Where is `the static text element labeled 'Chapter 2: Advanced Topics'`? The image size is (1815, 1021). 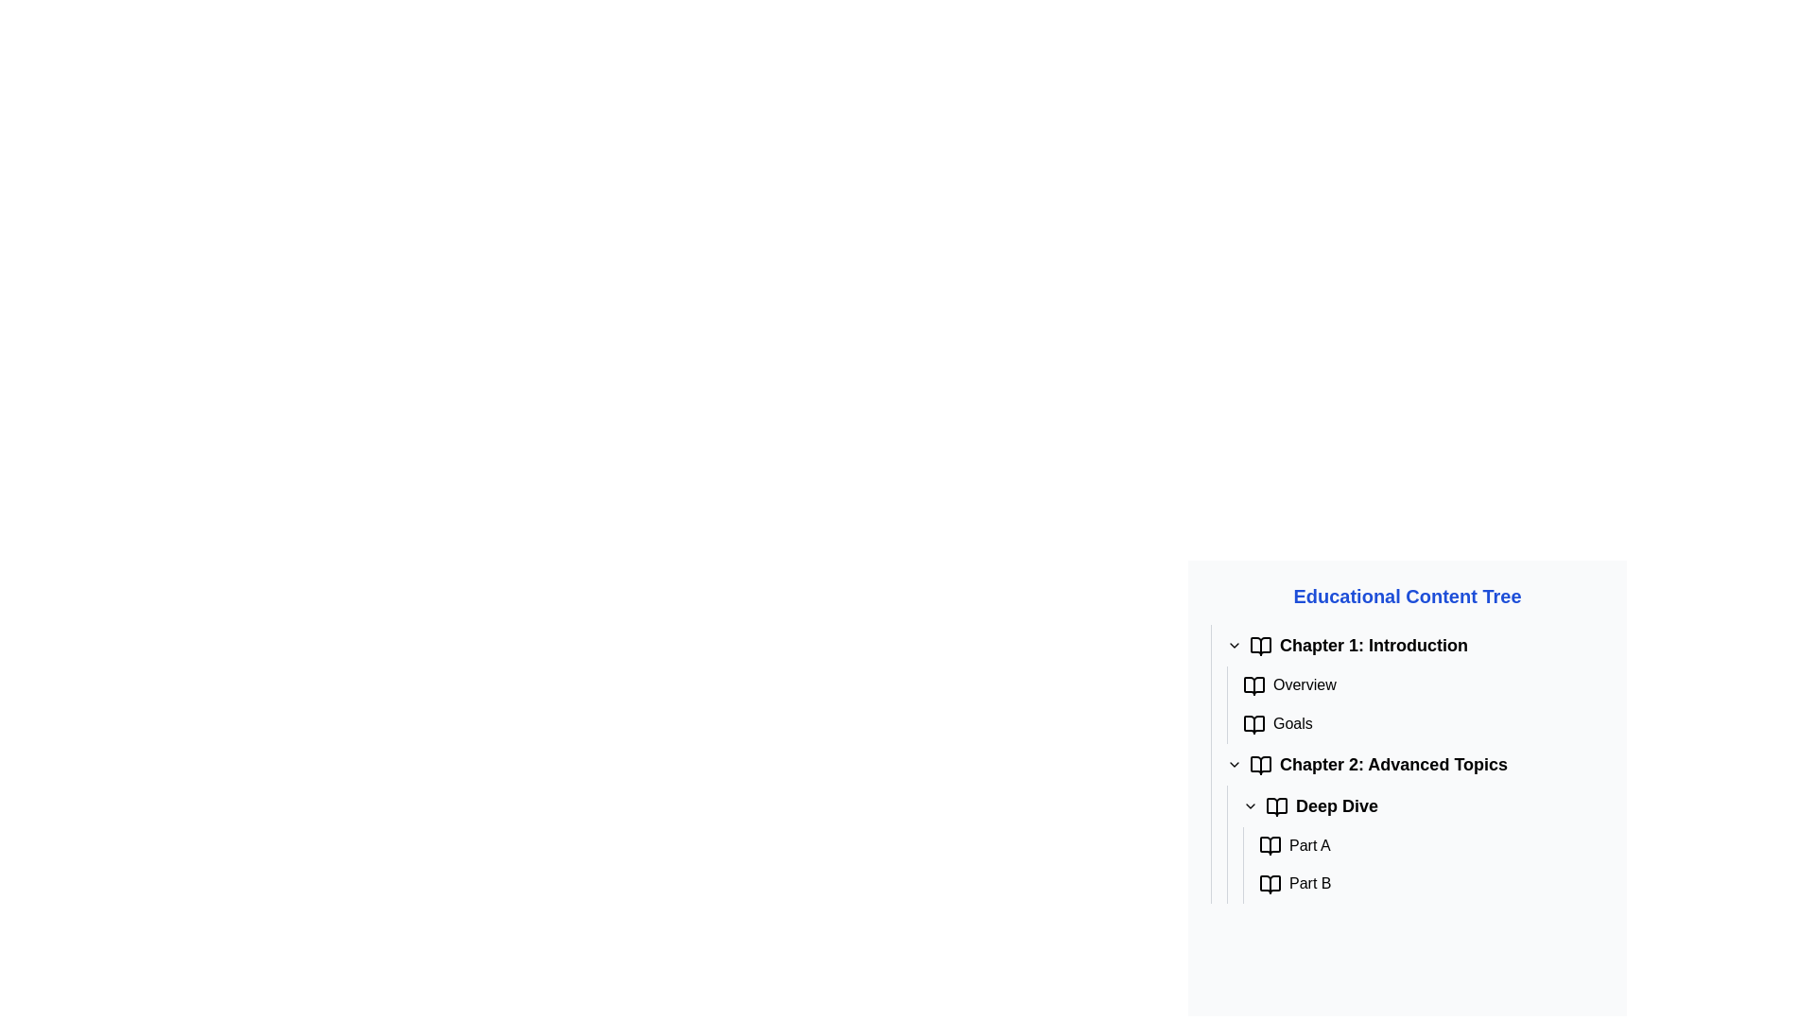 the static text element labeled 'Chapter 2: Advanced Topics' is located at coordinates (1378, 763).